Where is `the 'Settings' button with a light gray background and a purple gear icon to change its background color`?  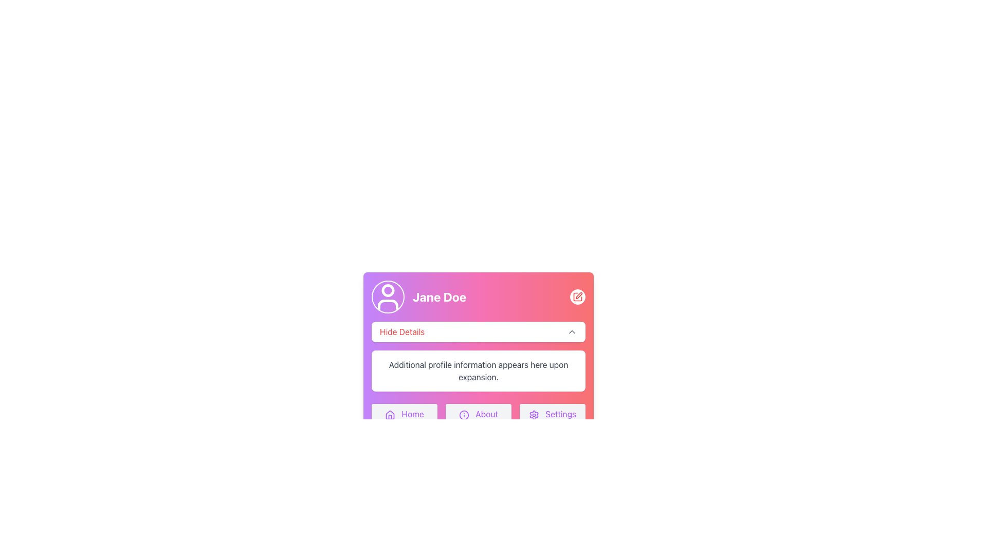
the 'Settings' button with a light gray background and a purple gear icon to change its background color is located at coordinates (552, 414).